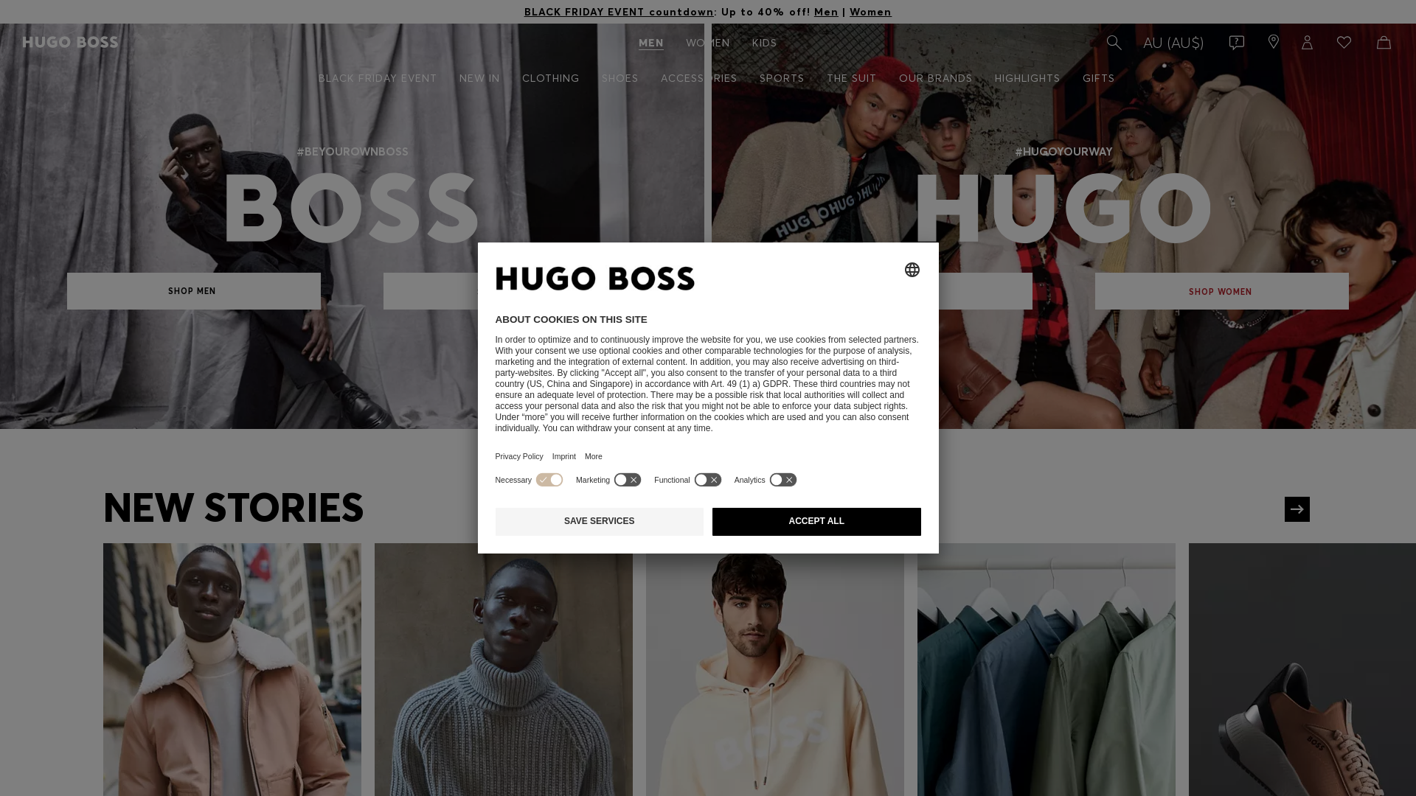 The width and height of the screenshot is (1416, 796). Describe the element at coordinates (764, 42) in the screenshot. I see `'KIDS'` at that location.